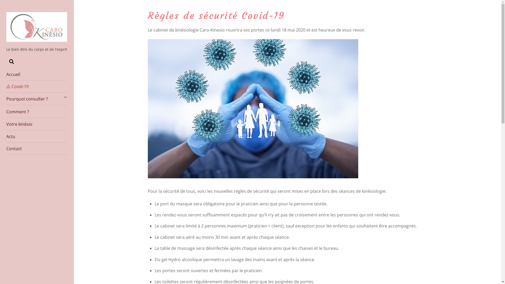  Describe the element at coordinates (36, 99) in the screenshot. I see `'Pourquoi consulter ?'` at that location.